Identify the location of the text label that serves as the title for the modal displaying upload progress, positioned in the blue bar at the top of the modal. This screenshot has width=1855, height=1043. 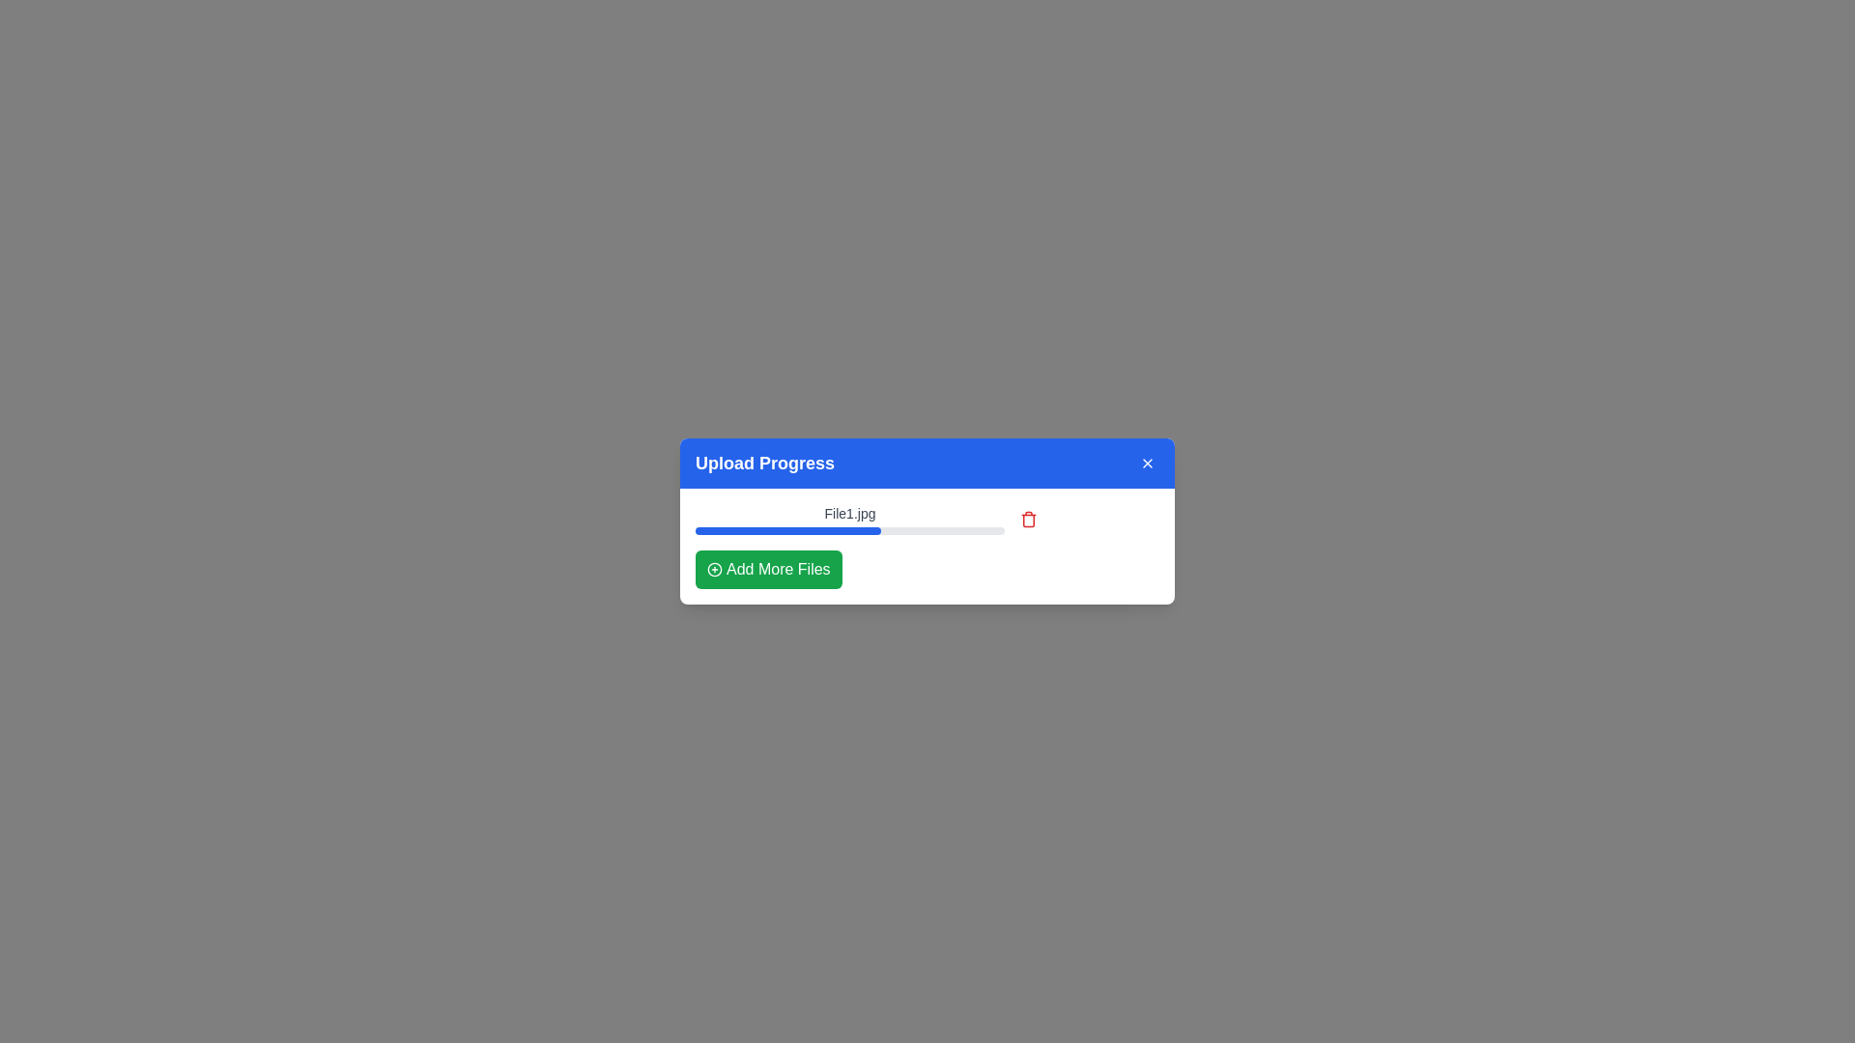
(764, 463).